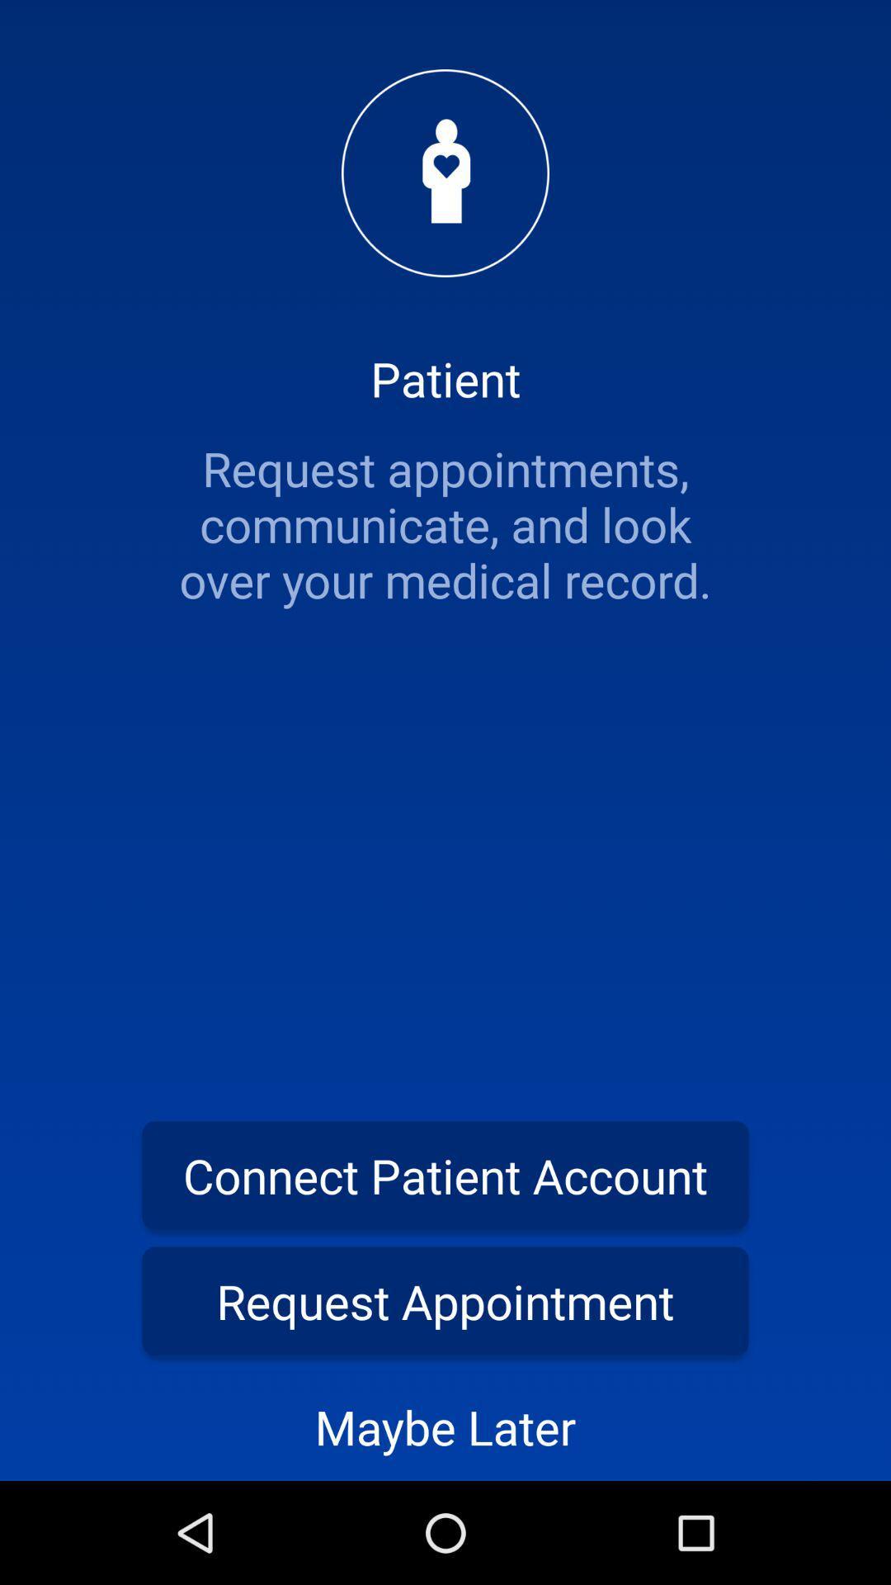 The width and height of the screenshot is (891, 1585). Describe the element at coordinates (445, 1300) in the screenshot. I see `item below the connect patient account` at that location.